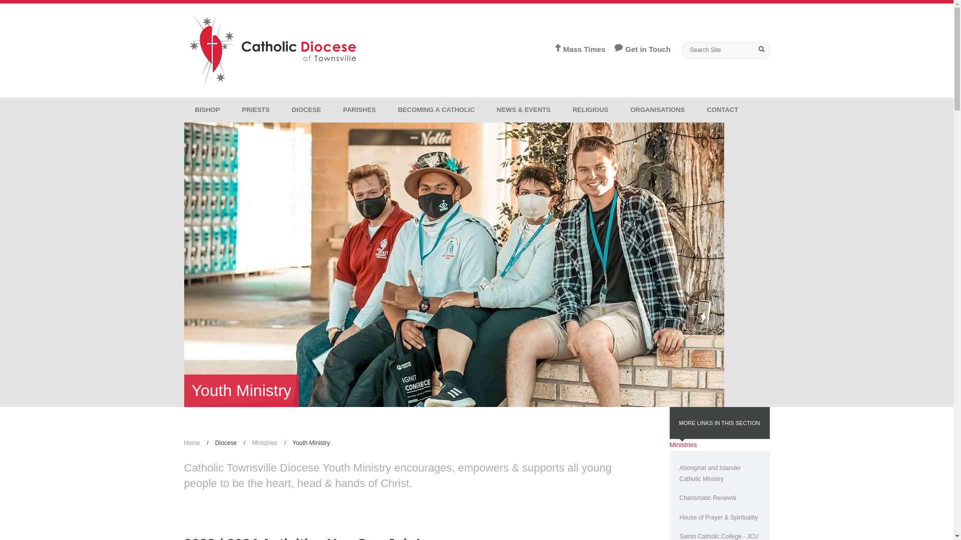  Describe the element at coordinates (637, 49) in the screenshot. I see `'Get in Touch'` at that location.